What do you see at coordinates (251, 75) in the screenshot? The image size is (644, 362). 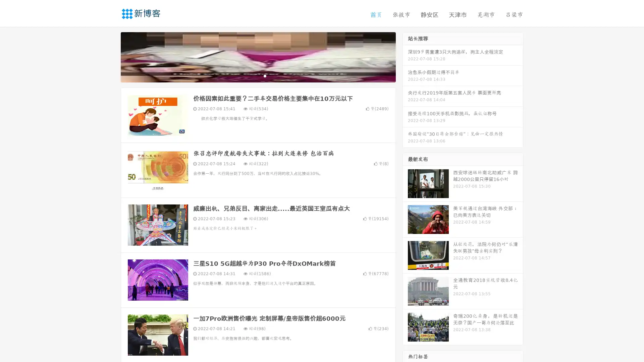 I see `Go to slide 1` at bounding box center [251, 75].